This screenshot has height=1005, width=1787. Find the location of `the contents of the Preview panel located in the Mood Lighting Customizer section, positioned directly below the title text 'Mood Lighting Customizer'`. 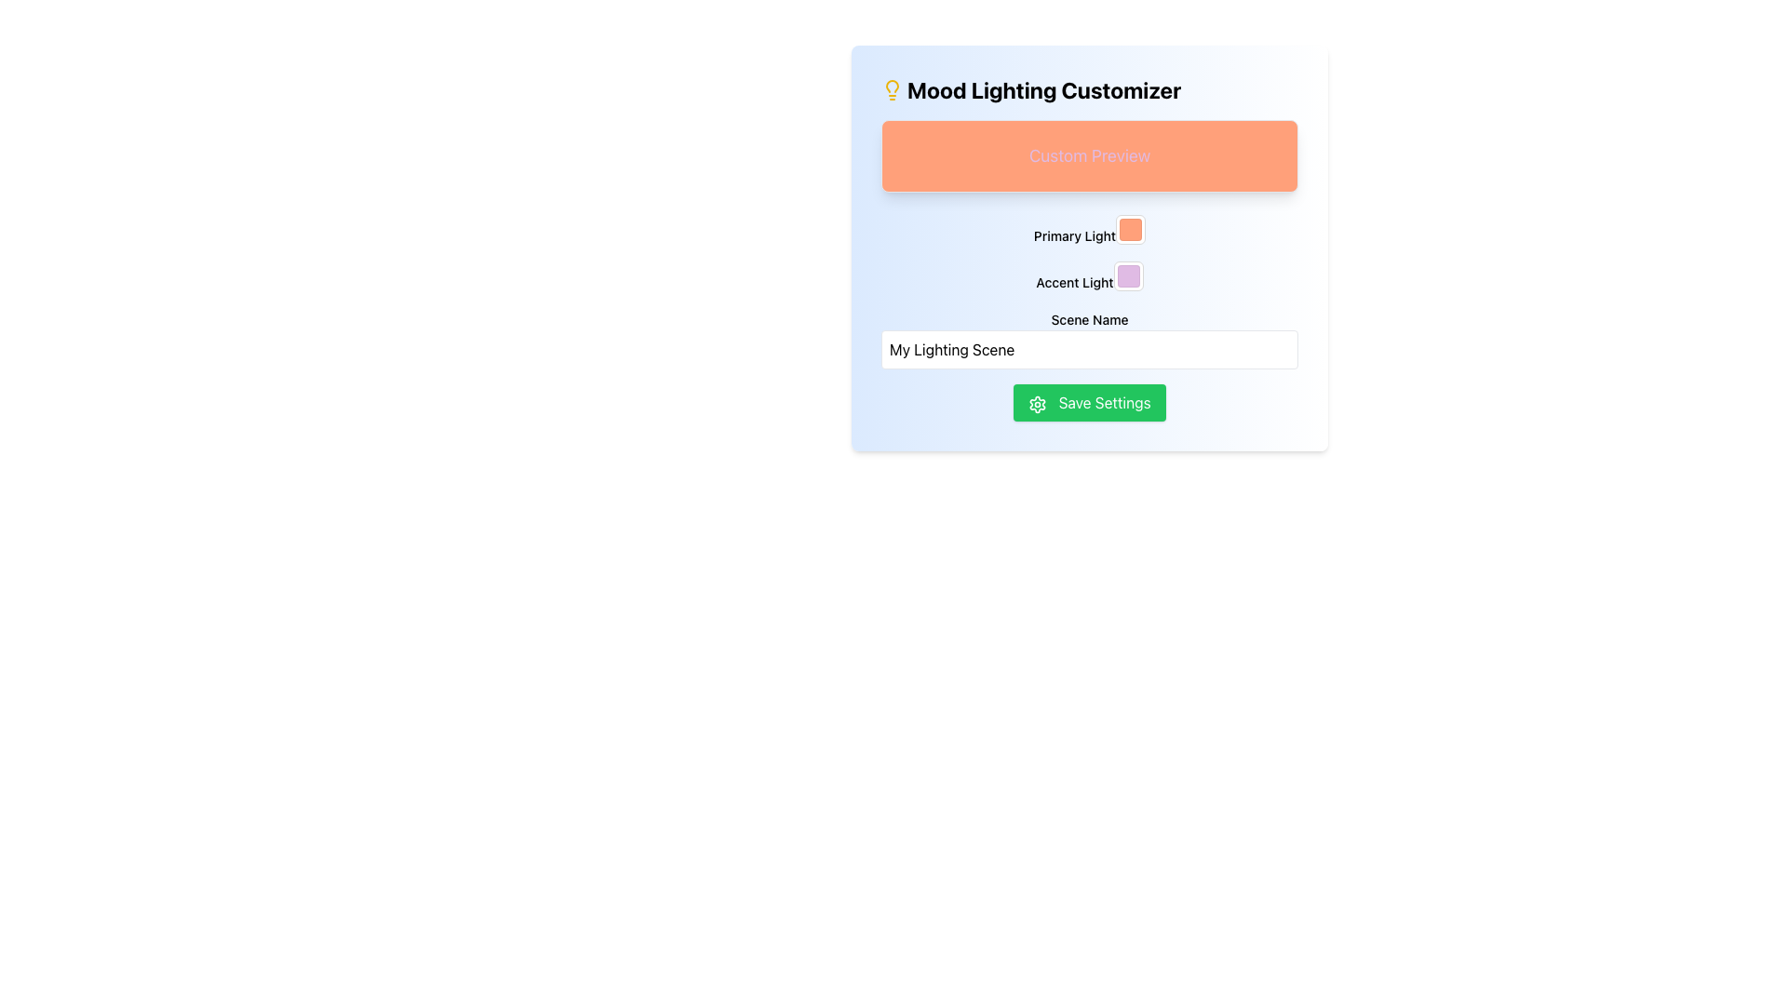

the contents of the Preview panel located in the Mood Lighting Customizer section, positioned directly below the title text 'Mood Lighting Customizer' is located at coordinates (1090, 155).